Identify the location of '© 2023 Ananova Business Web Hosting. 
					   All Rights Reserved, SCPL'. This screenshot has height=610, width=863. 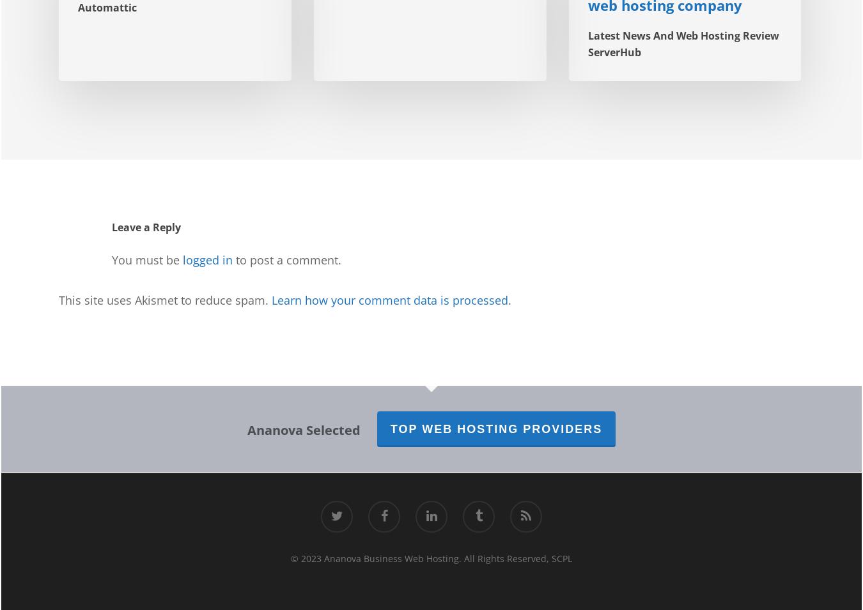
(432, 558).